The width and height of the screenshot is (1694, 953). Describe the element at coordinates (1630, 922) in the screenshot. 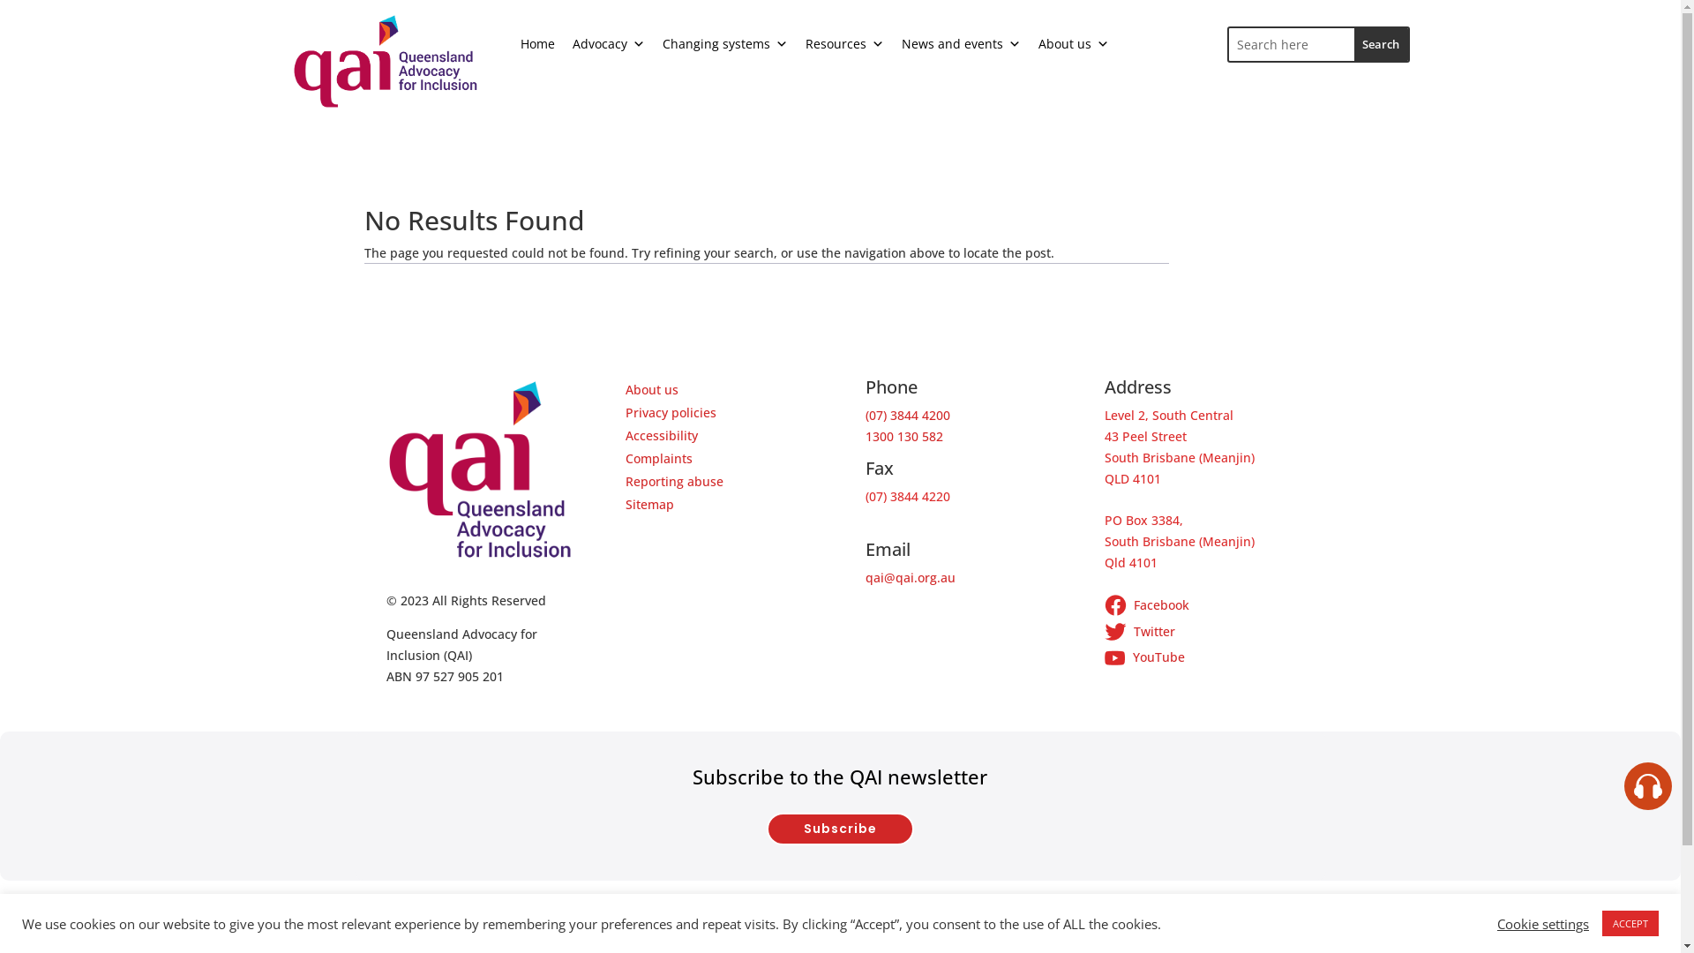

I see `'ACCEPT'` at that location.